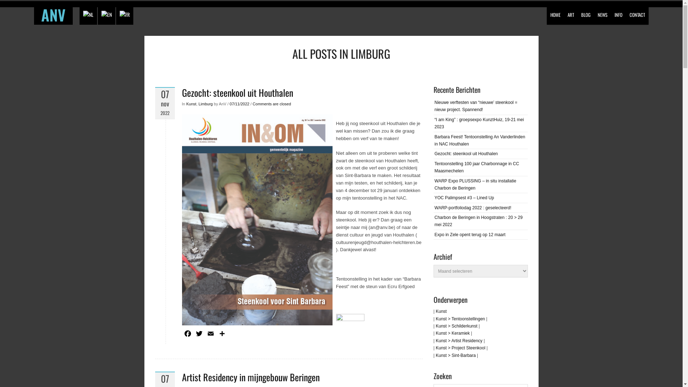  I want to click on 'BLOG', so click(586, 12).